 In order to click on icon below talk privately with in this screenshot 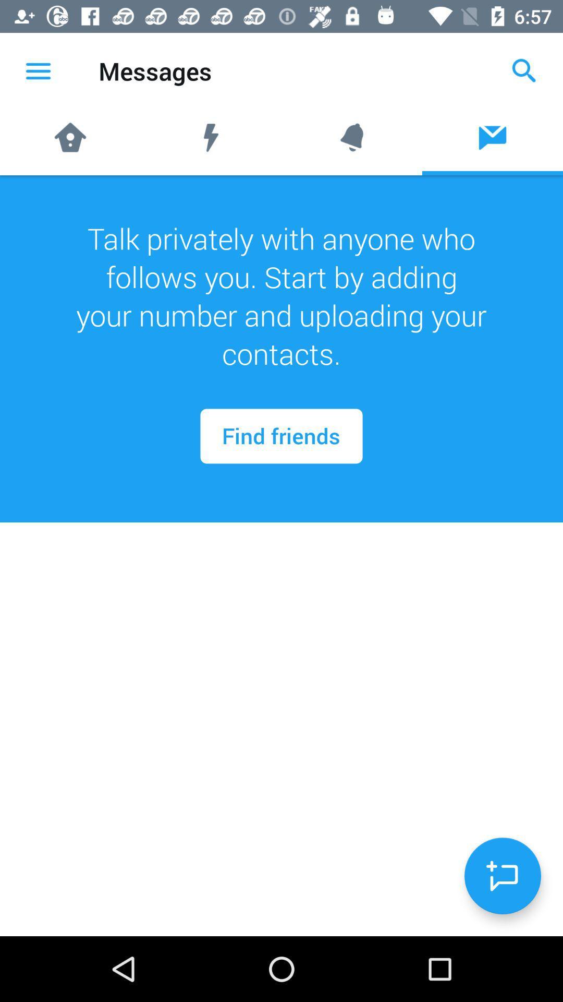, I will do `click(281, 436)`.